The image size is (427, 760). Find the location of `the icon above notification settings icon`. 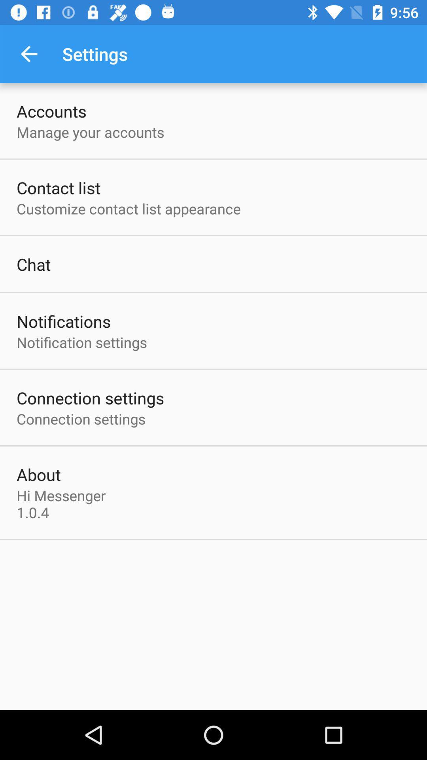

the icon above notification settings icon is located at coordinates (63, 321).